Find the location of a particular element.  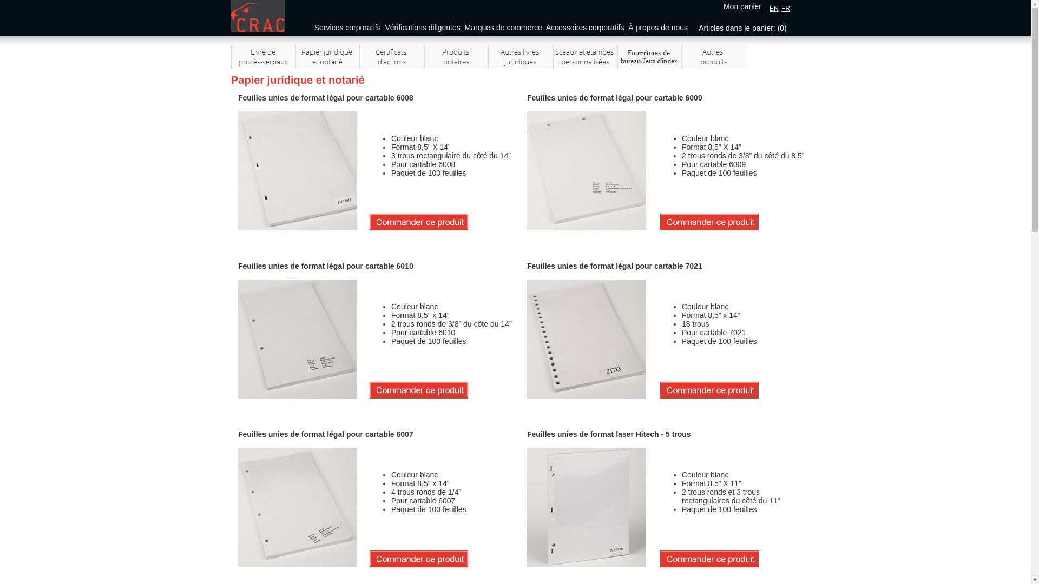

'Fournitures de is located at coordinates (617, 57).